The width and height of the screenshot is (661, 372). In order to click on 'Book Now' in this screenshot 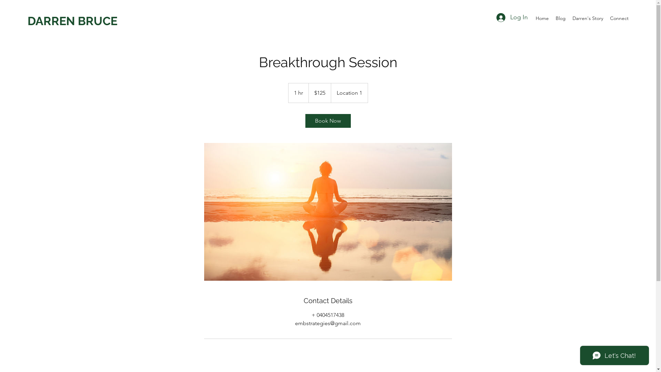, I will do `click(305, 121)`.